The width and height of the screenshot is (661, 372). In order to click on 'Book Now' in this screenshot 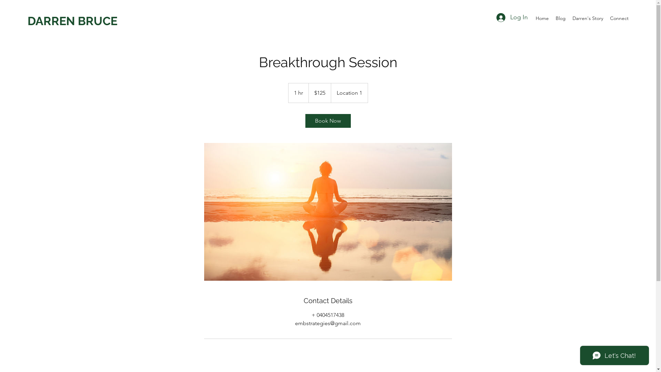, I will do `click(305, 121)`.